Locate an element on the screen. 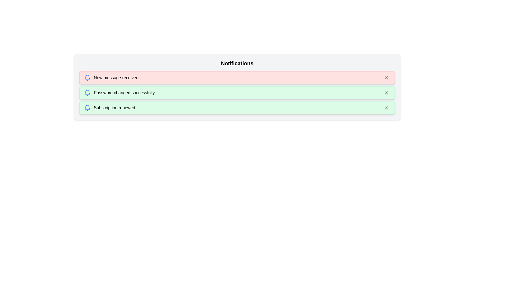 The width and height of the screenshot is (516, 290). the notification message indicating a successful password change, which is the second item in a vertical list of notifications is located at coordinates (119, 93).